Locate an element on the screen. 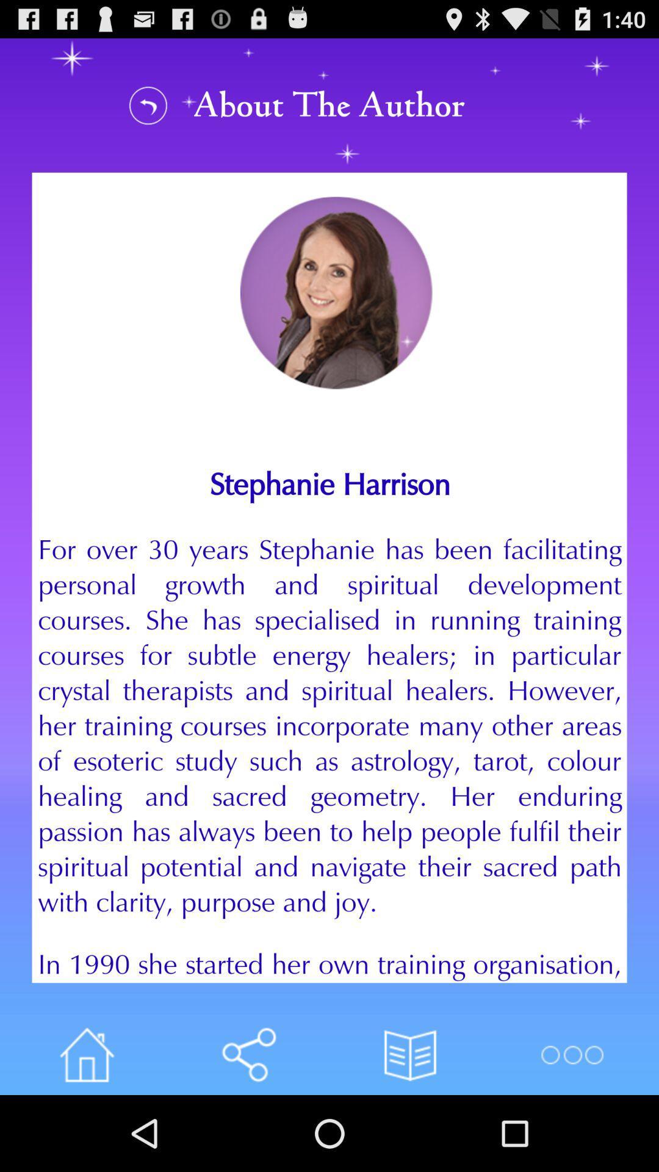 The height and width of the screenshot is (1172, 659). more is located at coordinates (572, 1054).